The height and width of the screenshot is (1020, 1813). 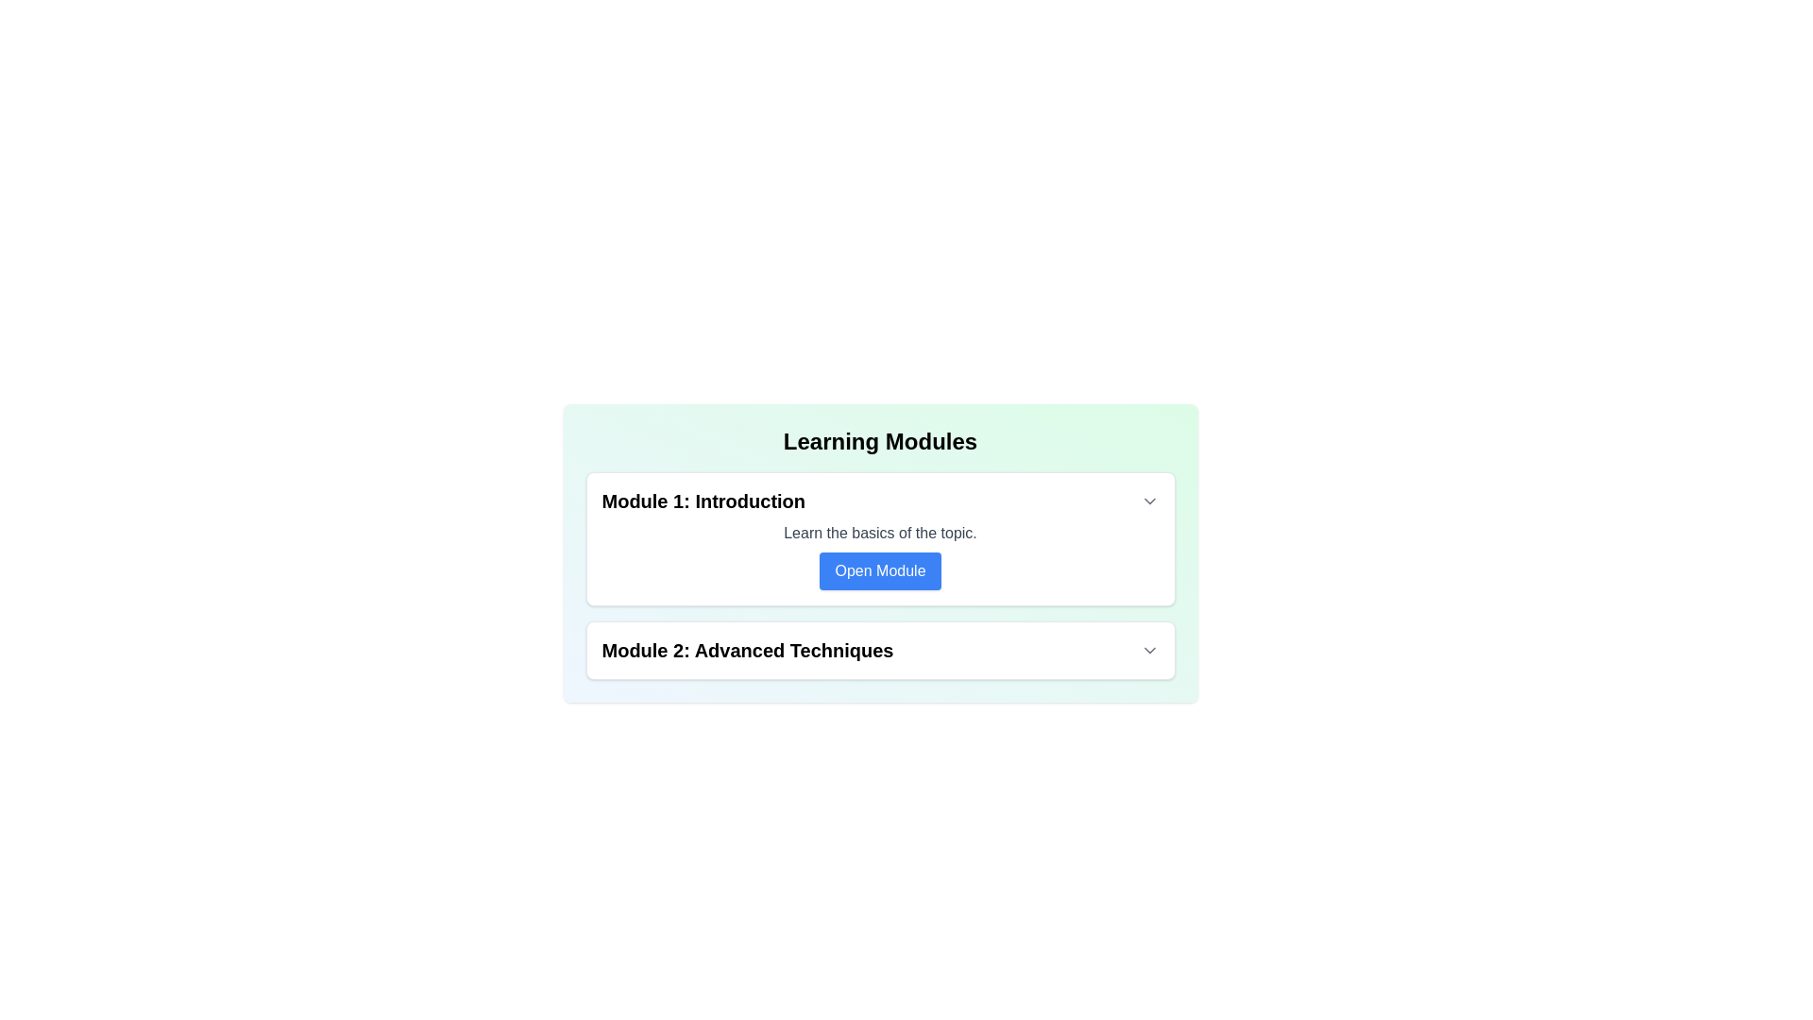 What do you see at coordinates (879, 650) in the screenshot?
I see `the Collapsible section header labeled 'Module 2: Advanced Techniques'` at bounding box center [879, 650].